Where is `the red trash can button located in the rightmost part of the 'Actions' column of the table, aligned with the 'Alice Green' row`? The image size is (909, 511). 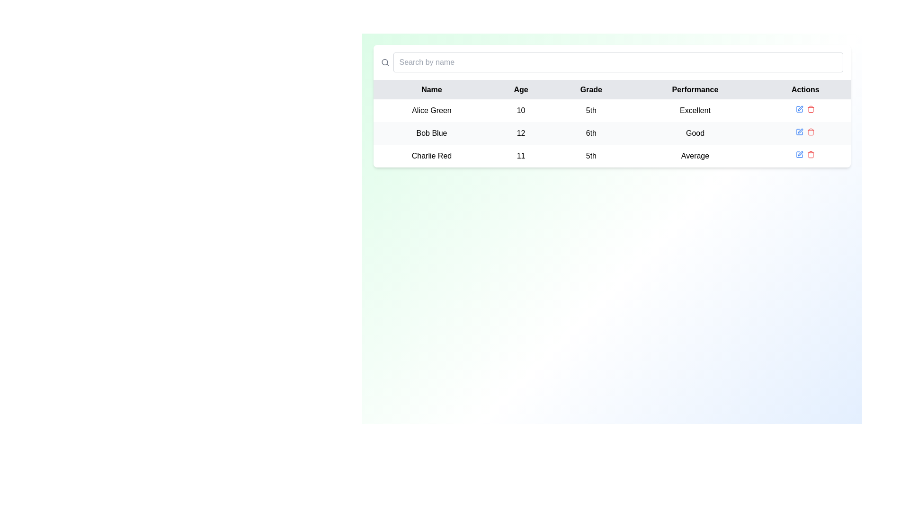 the red trash can button located in the rightmost part of the 'Actions' column of the table, aligned with the 'Alice Green' row is located at coordinates (811, 109).